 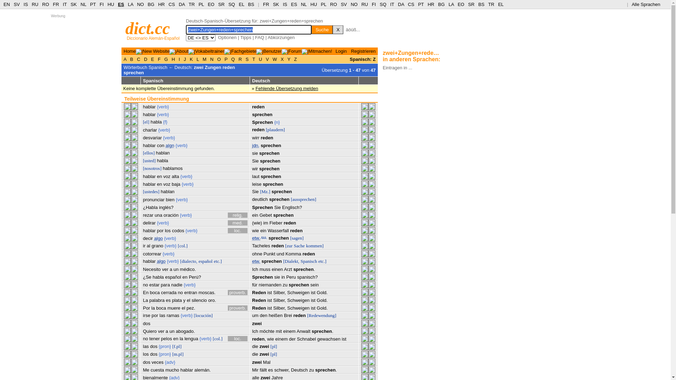 What do you see at coordinates (292, 338) in the screenshot?
I see `'der'` at bounding box center [292, 338].